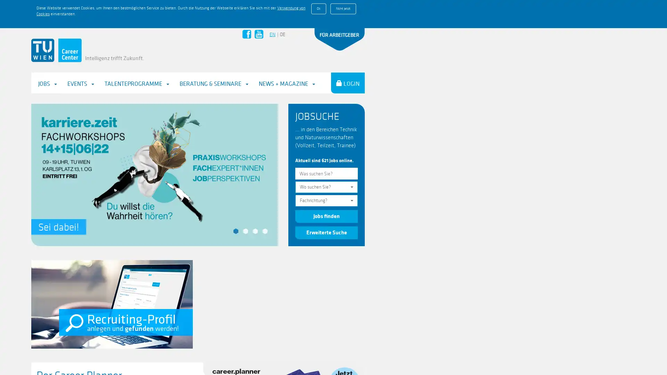  I want to click on Erweiterte Suche, so click(326, 204).